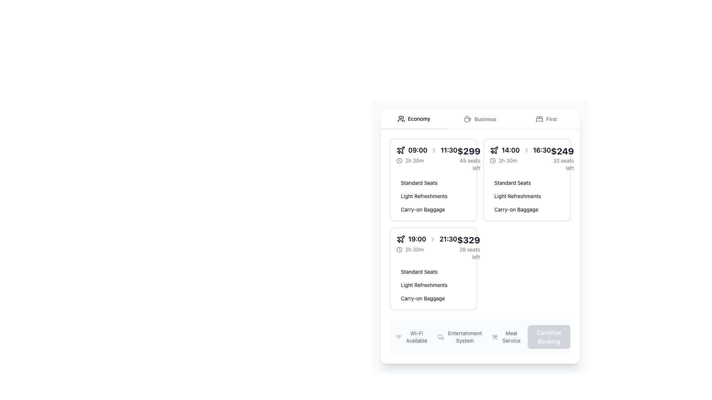 The width and height of the screenshot is (712, 400). I want to click on the time icon located in the leftmost ticket option of the grid, positioned directly before the '2h 30m' flight duration text, so click(399, 160).